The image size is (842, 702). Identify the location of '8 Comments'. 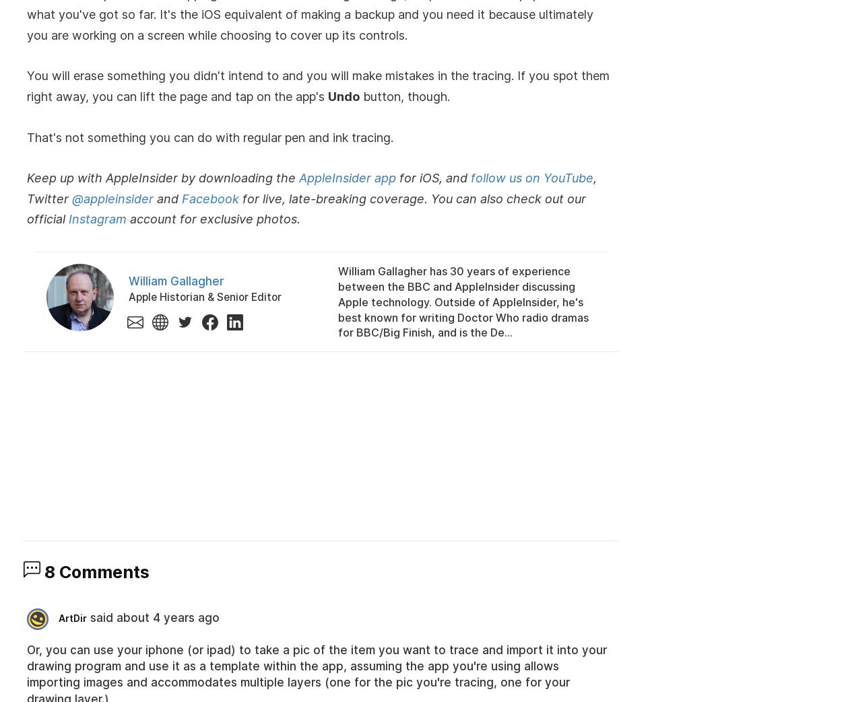
(95, 571).